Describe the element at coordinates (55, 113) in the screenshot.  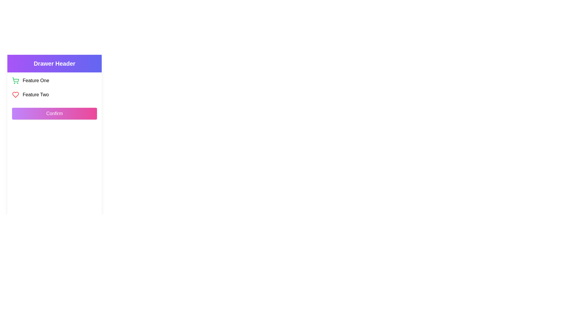
I see `the 'Confirm' button which is a rectangular button with gradient coloring from purple to pink, featuring white text and rounded corners, located in the sidebar below 'Feature One' and 'Feature Two'` at that location.